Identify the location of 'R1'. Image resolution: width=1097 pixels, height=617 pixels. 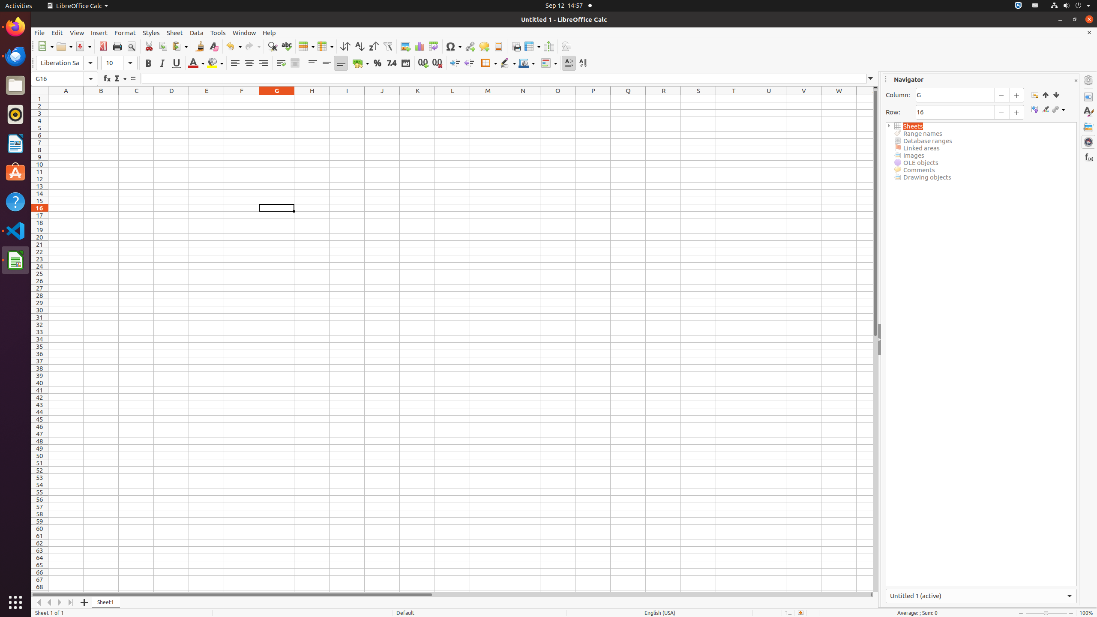
(663, 98).